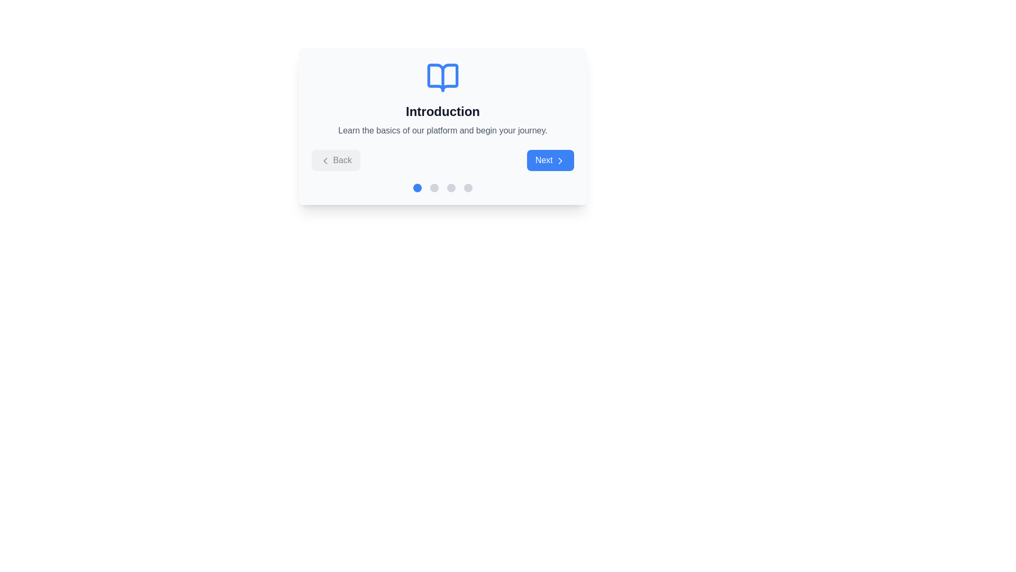 The height and width of the screenshot is (572, 1016). What do you see at coordinates (324, 160) in the screenshot?
I see `the leftward-pointing arrow icon within the 'Back' button` at bounding box center [324, 160].